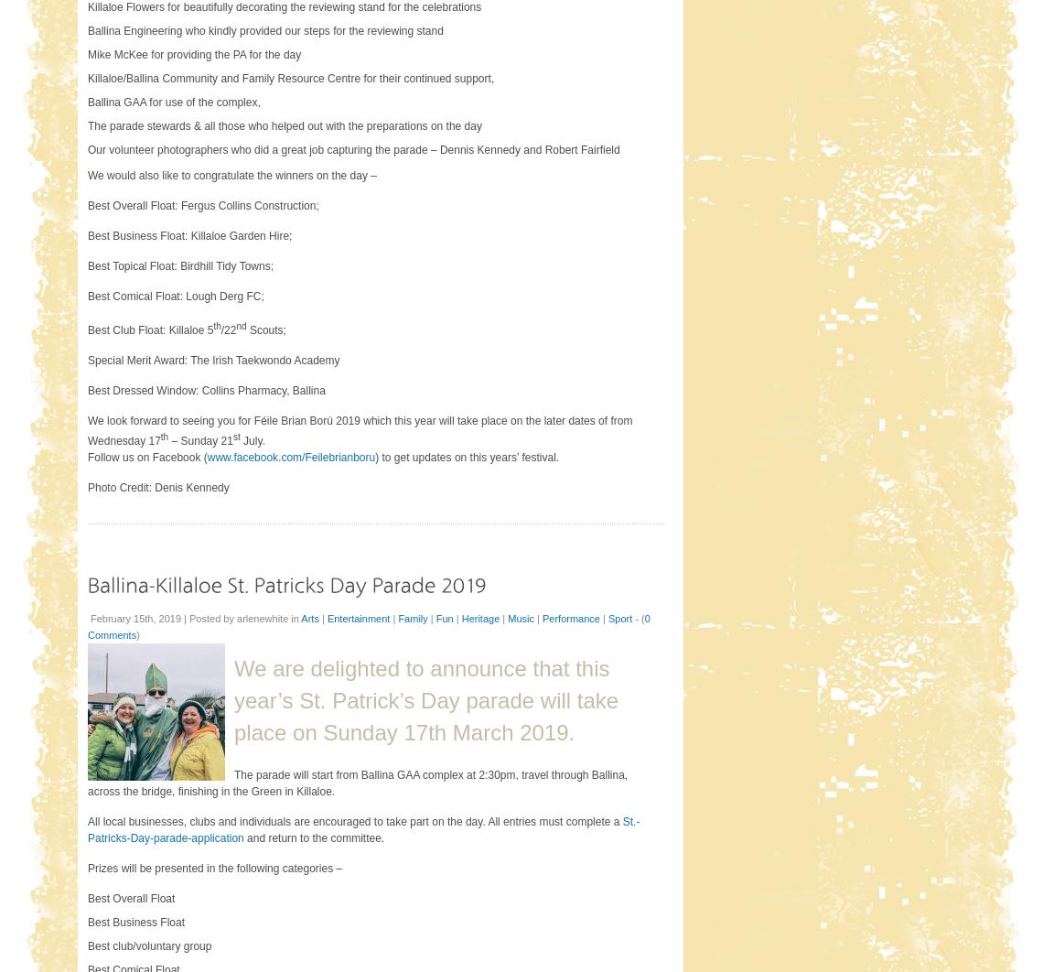 This screenshot has width=1043, height=972. Describe the element at coordinates (357, 618) in the screenshot. I see `'Entertainment'` at that location.